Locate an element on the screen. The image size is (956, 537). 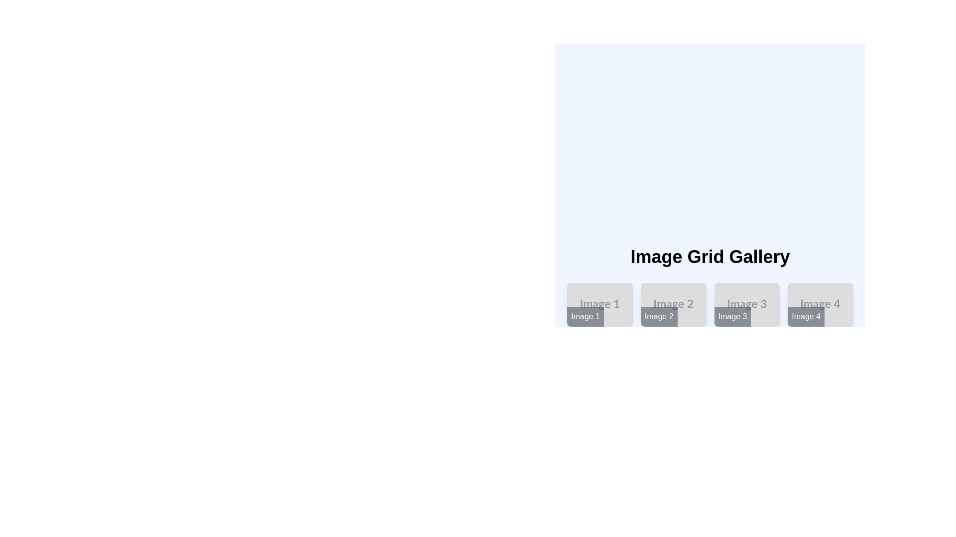
an image in the Image Grid Gallery is located at coordinates (710, 330).